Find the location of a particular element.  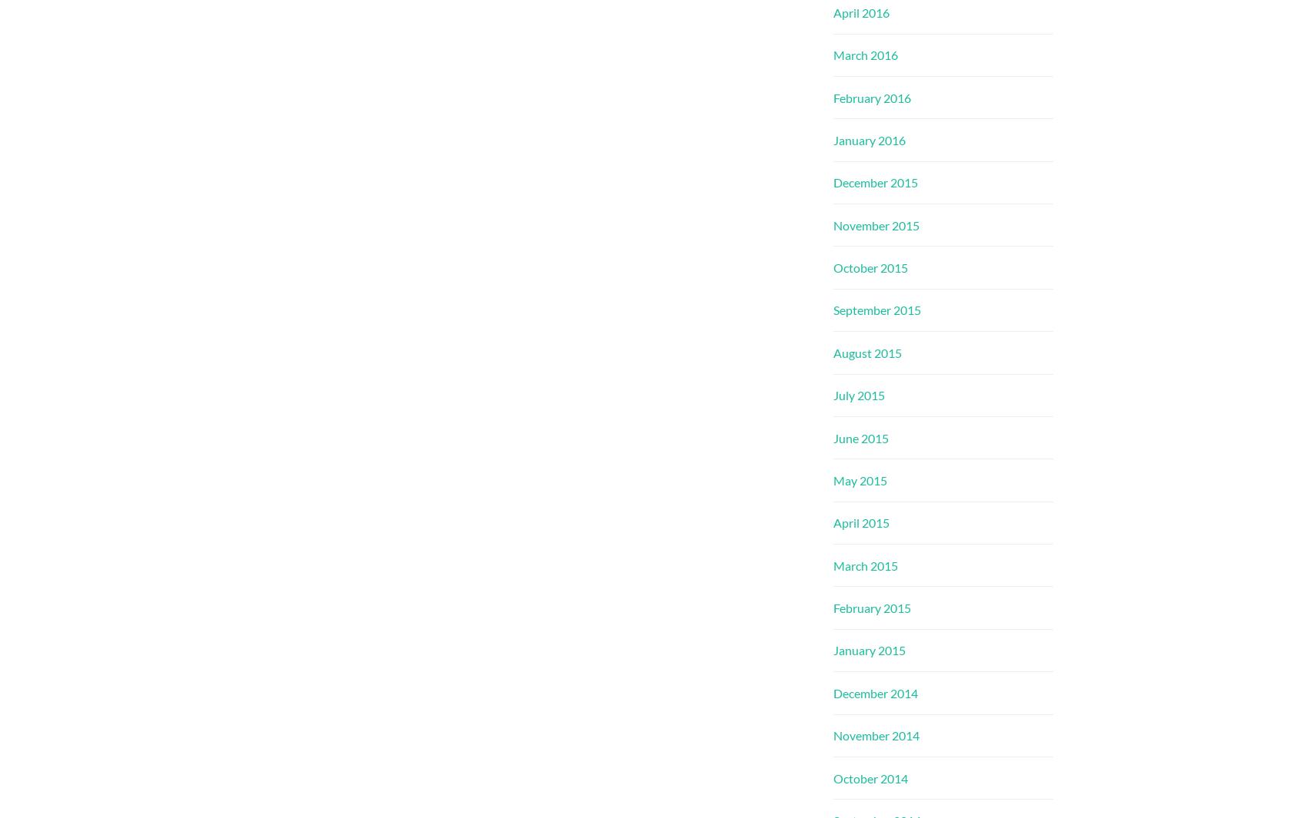

'June 2015' is located at coordinates (860, 437).